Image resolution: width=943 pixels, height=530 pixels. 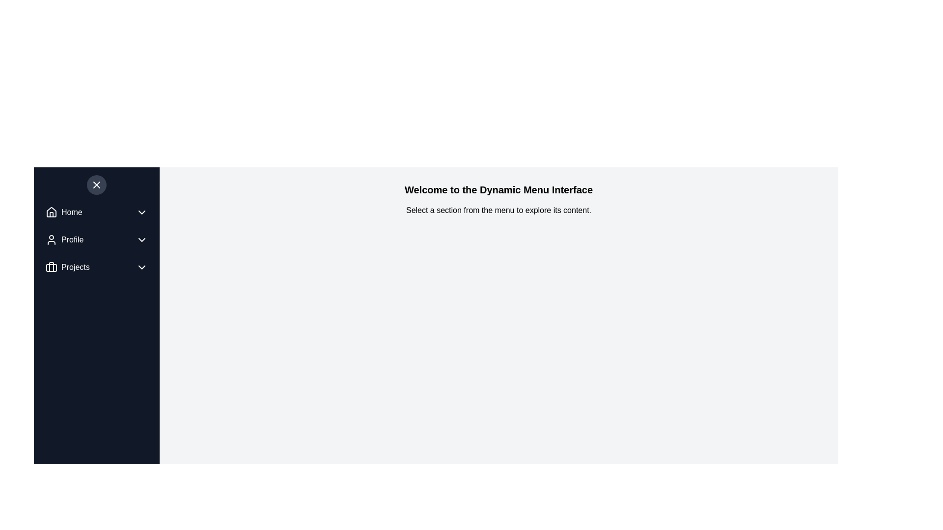 I want to click on the door icon of the house in the left sidebar which represents the 'Home' menu item, so click(x=51, y=214).